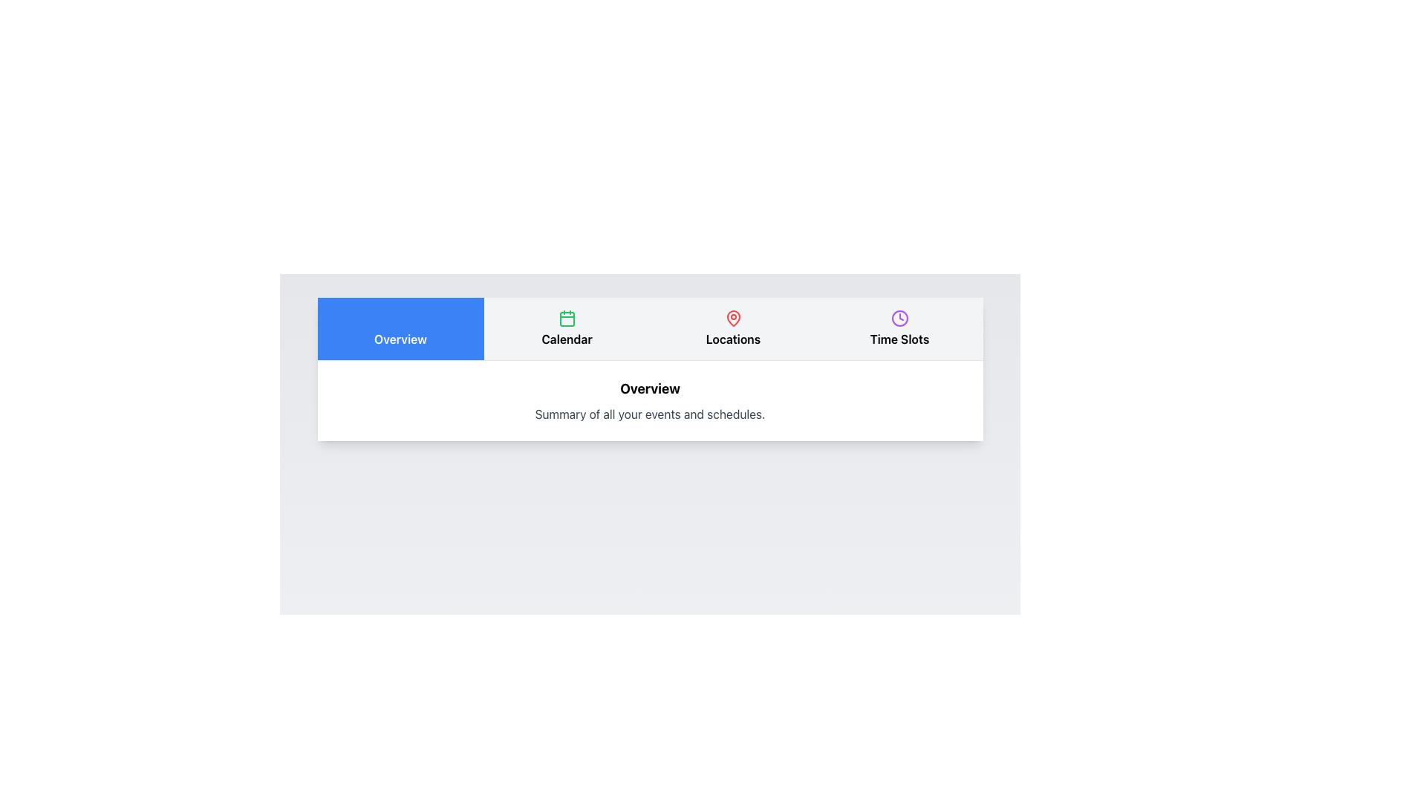  Describe the element at coordinates (899, 317) in the screenshot. I see `the 'Time Slots' icon located above the text label 'Time Slots' to interact with its section` at that location.